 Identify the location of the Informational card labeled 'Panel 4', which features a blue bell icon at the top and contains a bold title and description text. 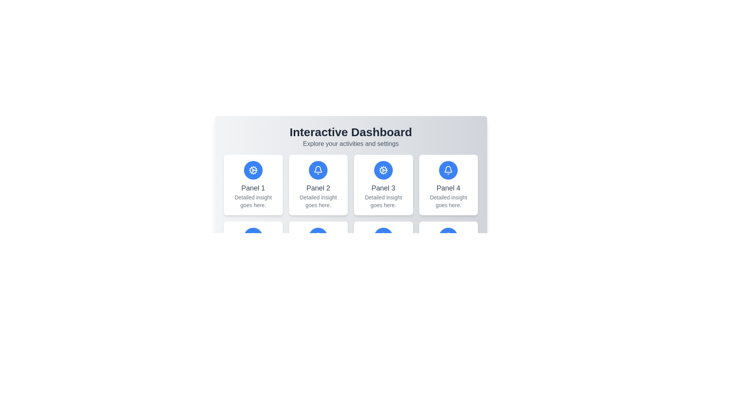
(448, 185).